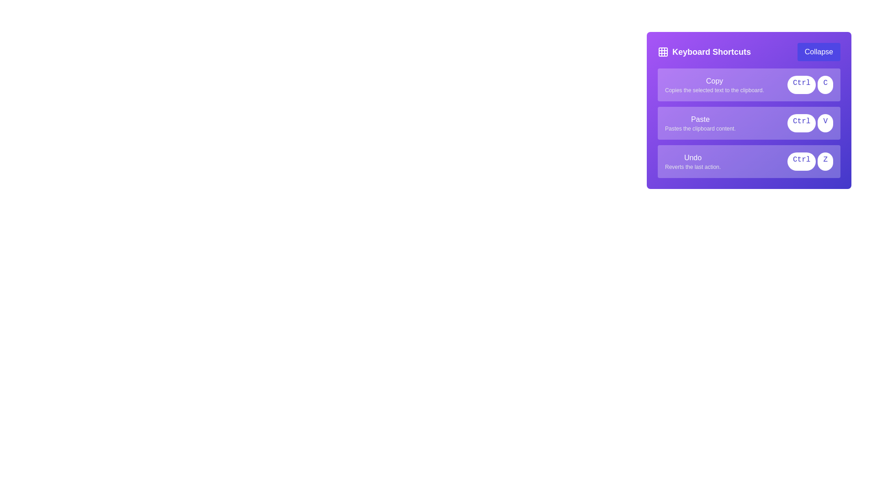 The height and width of the screenshot is (493, 877). Describe the element at coordinates (692, 157) in the screenshot. I see `the Text Label displaying 'Undo' in medium-sized bold white text on a purple background, located above the text 'Reverts the last action.'` at that location.